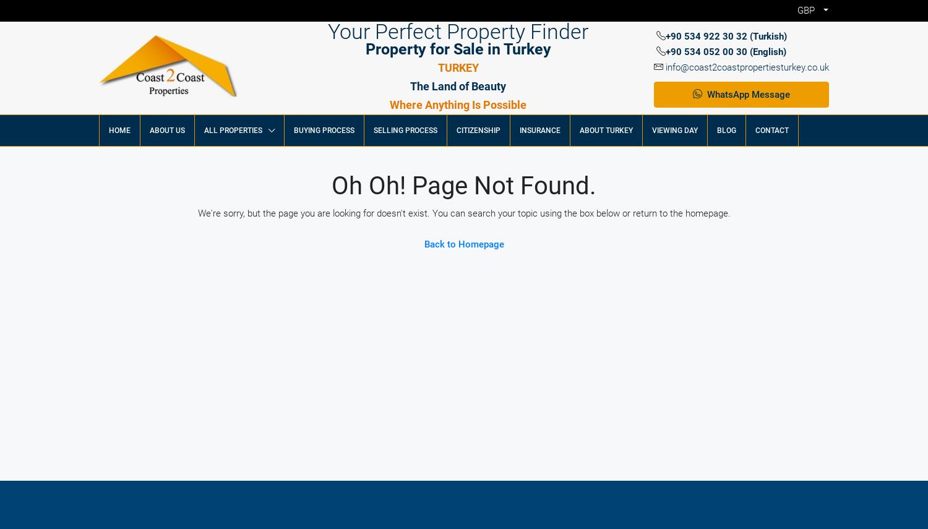 The width and height of the screenshot is (928, 529). What do you see at coordinates (664, 51) in the screenshot?
I see `'+90 534 052 00 30 (English)'` at bounding box center [664, 51].